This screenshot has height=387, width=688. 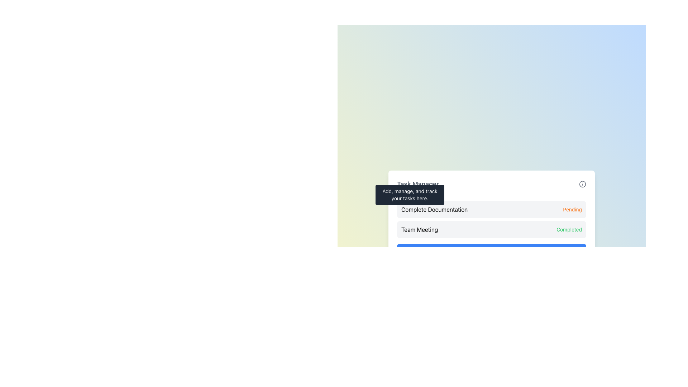 What do you see at coordinates (478, 250) in the screenshot?
I see `the circle element that is part of an SVG graphic located in the top-right section of a vertical list or panel interface` at bounding box center [478, 250].